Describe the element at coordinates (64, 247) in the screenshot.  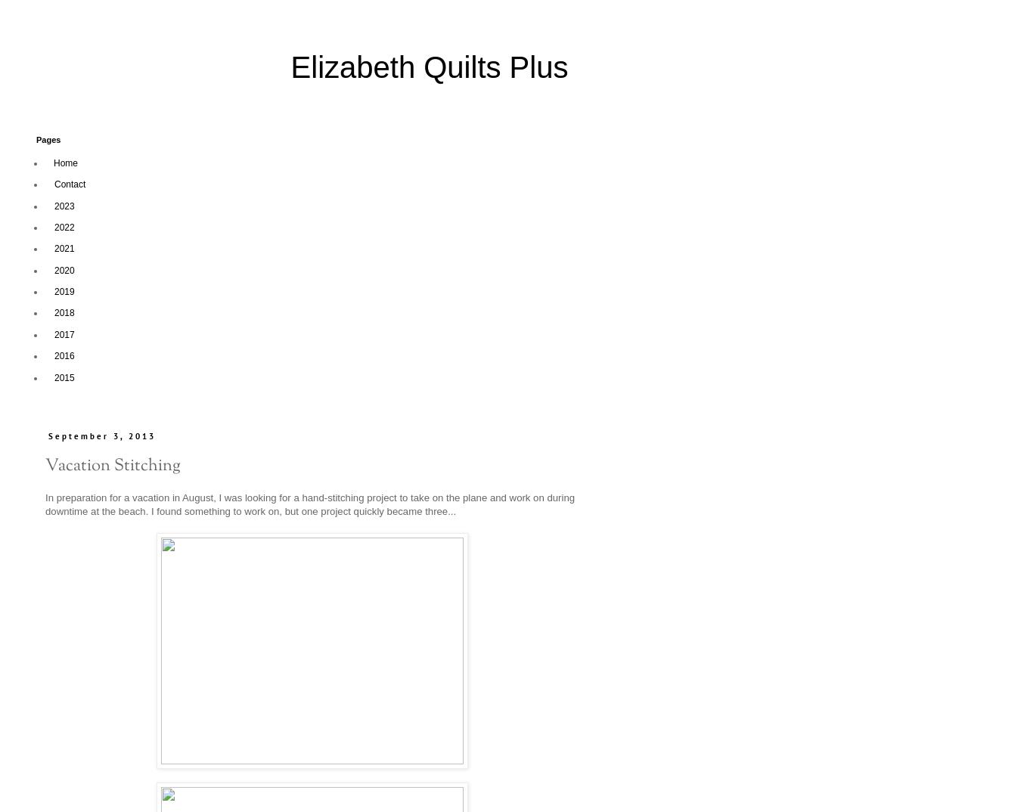
I see `'2021'` at that location.